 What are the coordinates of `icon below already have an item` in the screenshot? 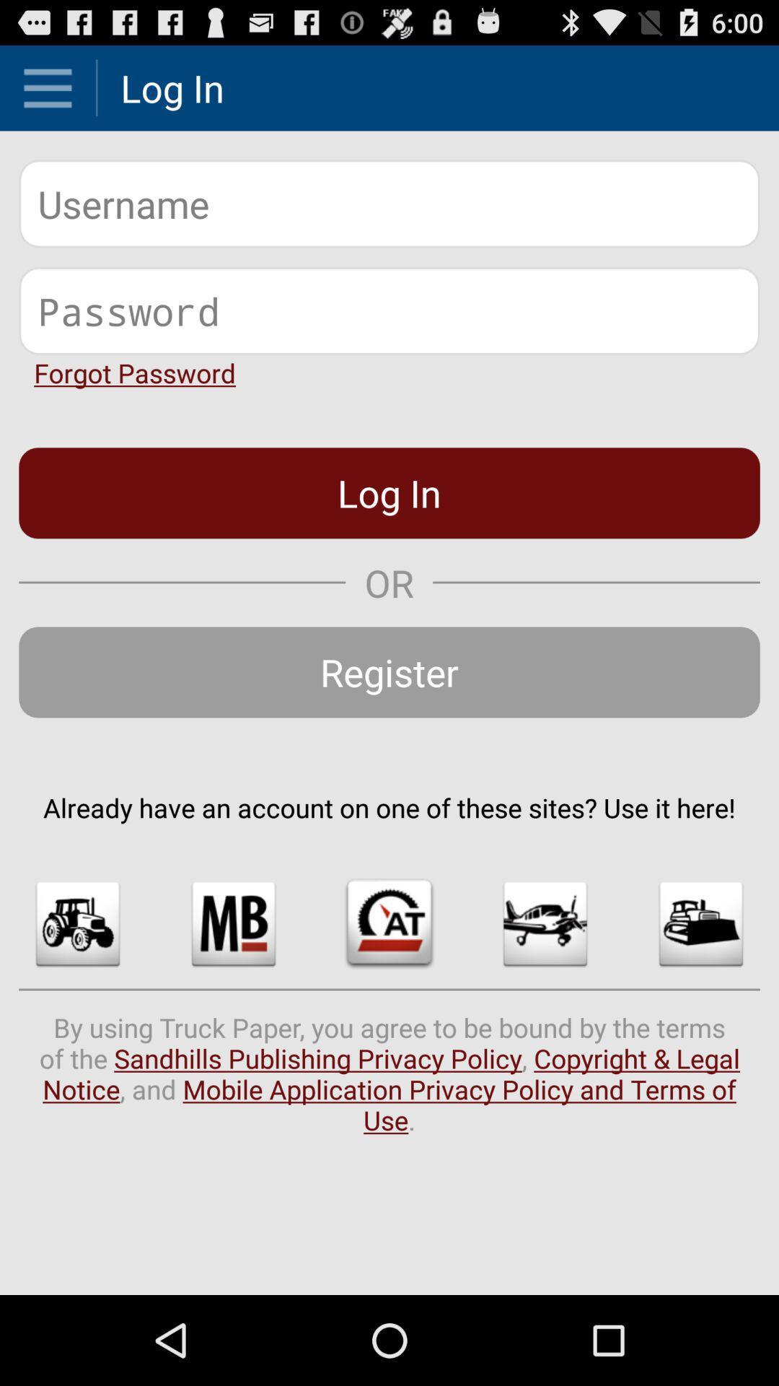 It's located at (233, 924).